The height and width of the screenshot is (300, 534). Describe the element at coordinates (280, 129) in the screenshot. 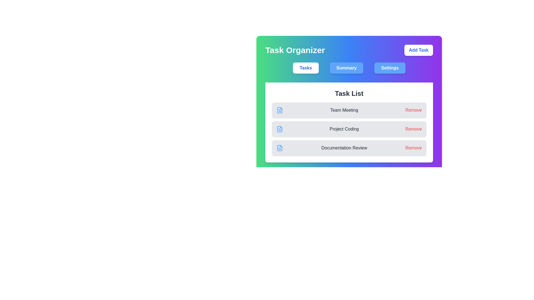

I see `the second icon from the top in the 'Task List' section, which represents a task item related to 'Project Coding'` at that location.